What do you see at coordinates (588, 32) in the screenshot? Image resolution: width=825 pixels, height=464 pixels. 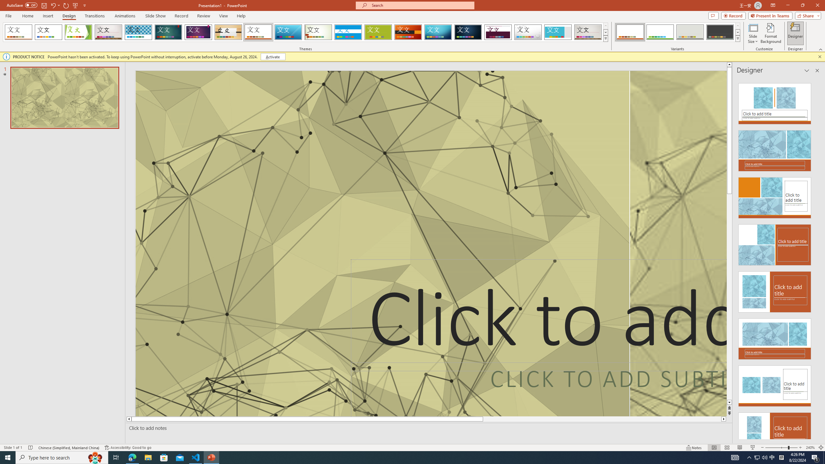 I see `'Gallery'` at bounding box center [588, 32].